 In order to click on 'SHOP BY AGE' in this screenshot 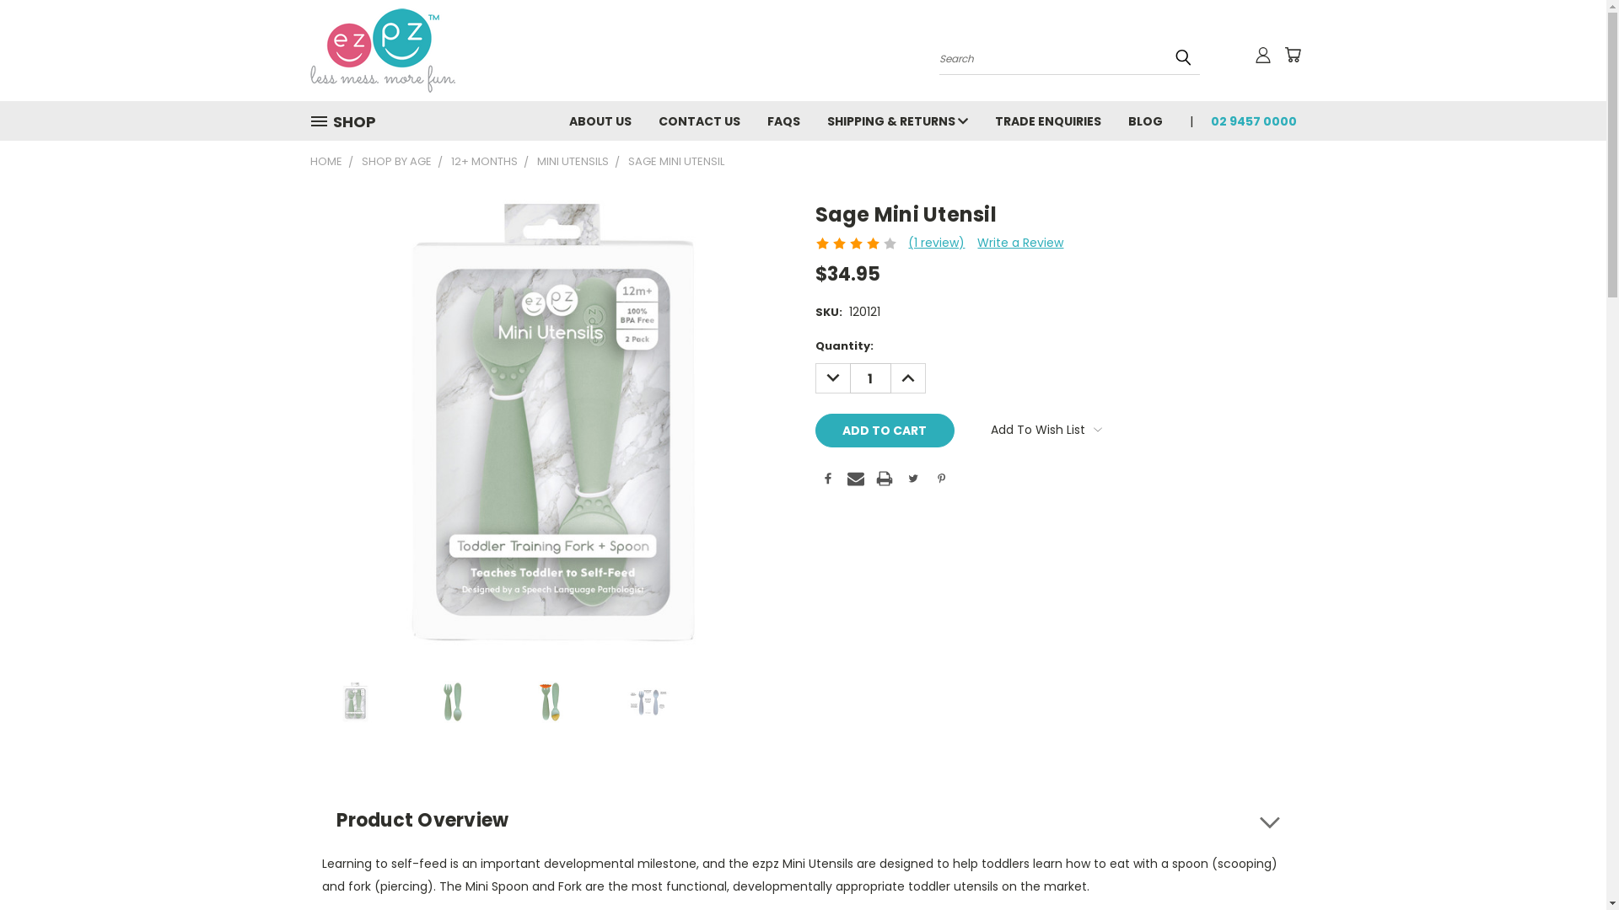, I will do `click(359, 161)`.